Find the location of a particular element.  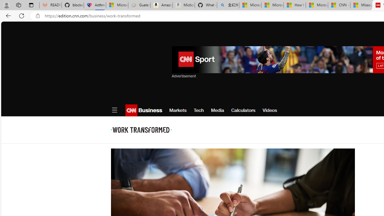

'How I Got Rid of Microsoft Edge' is located at coordinates (295, 5).